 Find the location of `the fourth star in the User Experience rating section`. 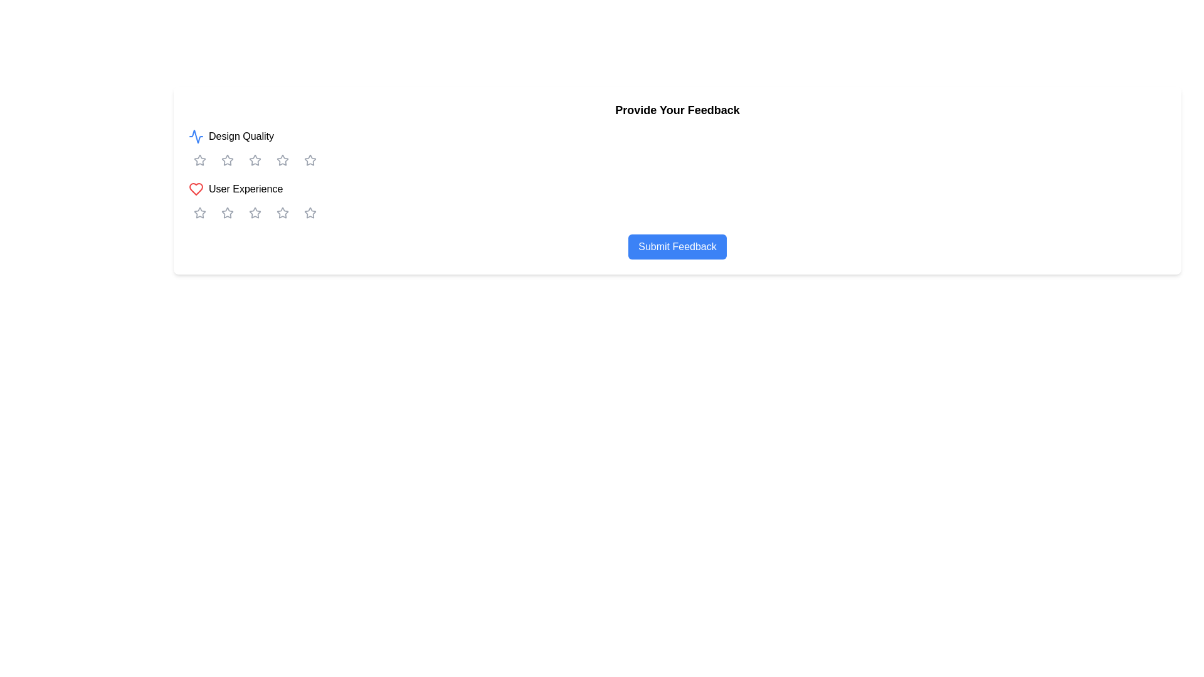

the fourth star in the User Experience rating section is located at coordinates (282, 212).